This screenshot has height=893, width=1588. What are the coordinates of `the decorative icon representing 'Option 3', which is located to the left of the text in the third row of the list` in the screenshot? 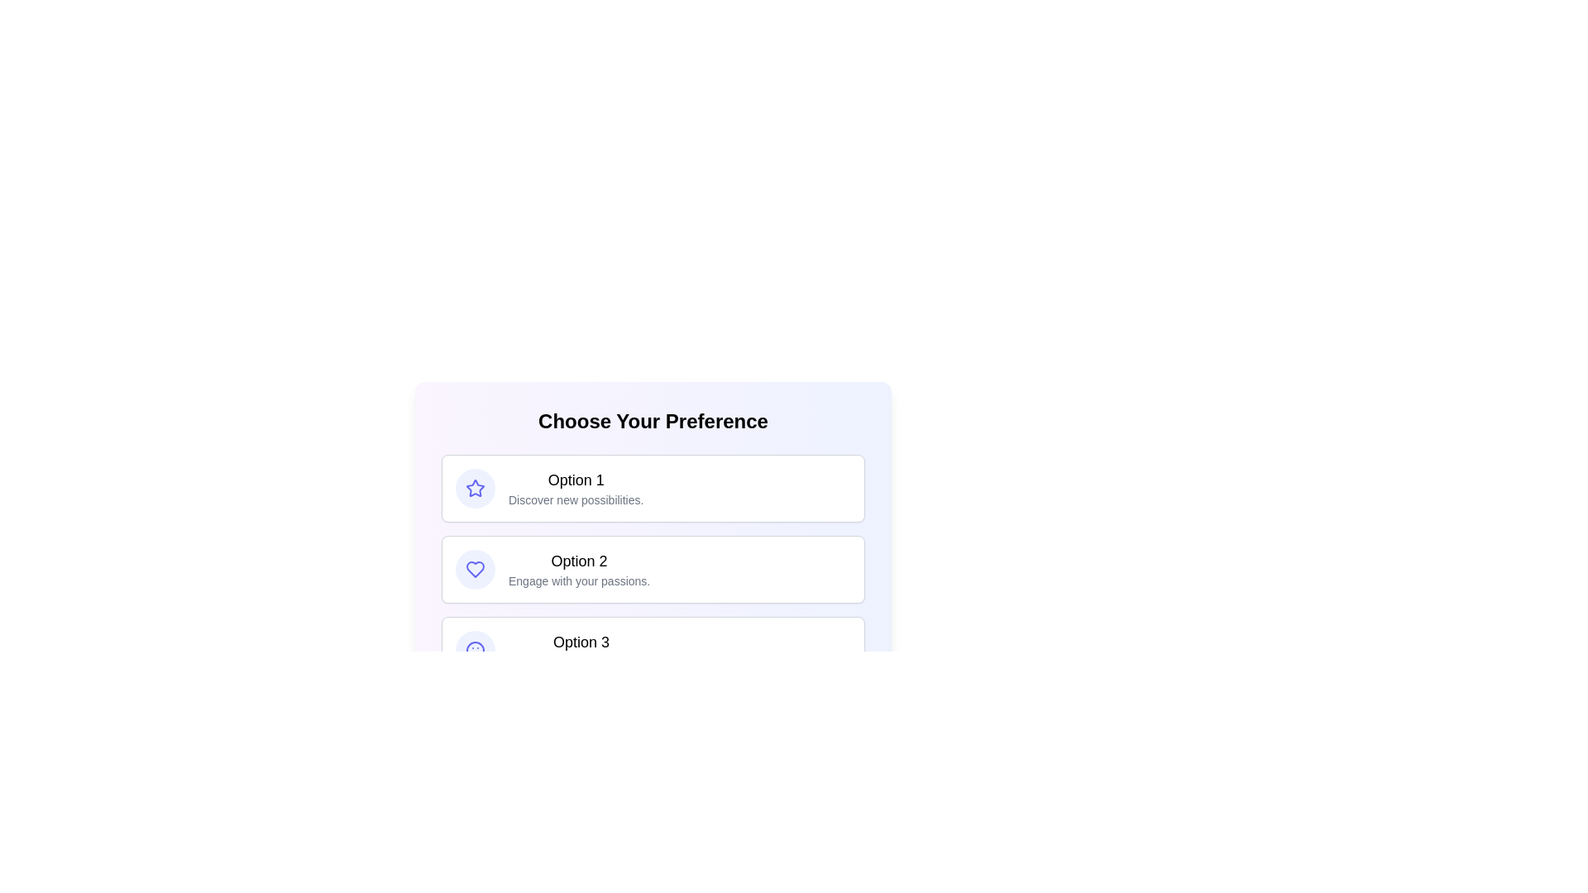 It's located at (475, 649).